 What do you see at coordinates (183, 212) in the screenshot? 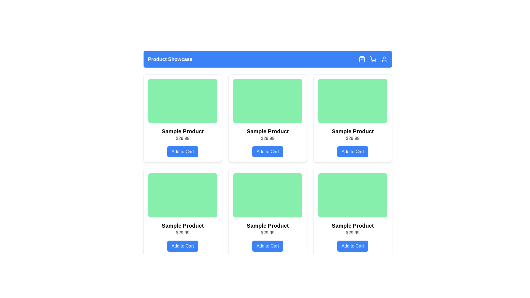
I see `the product display card located in the first column of the second row of the grid layout` at bounding box center [183, 212].